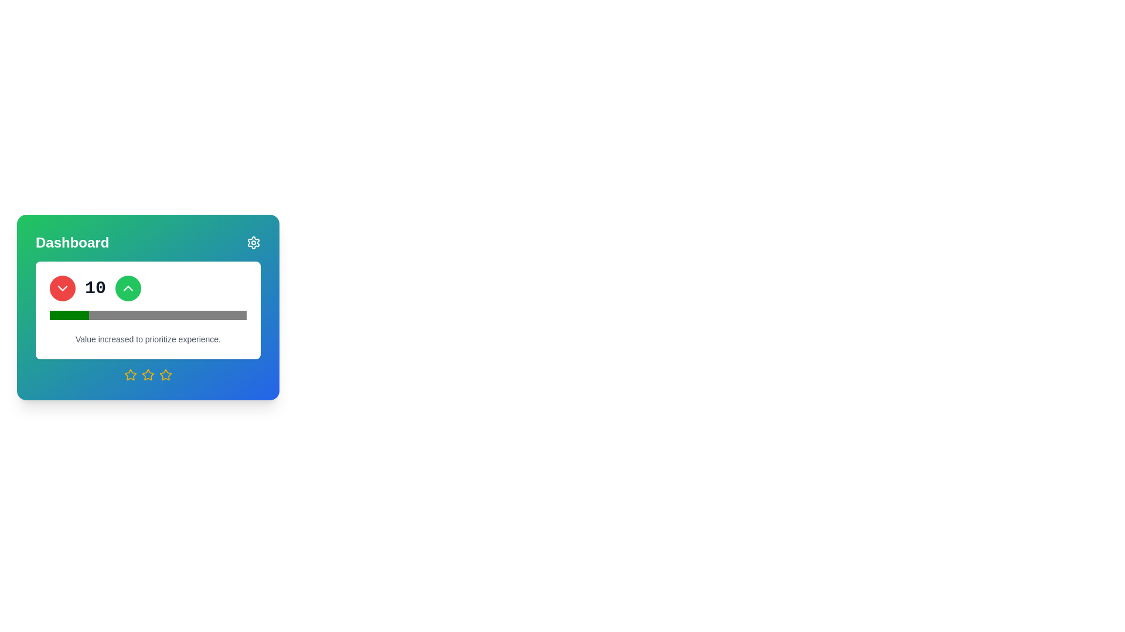  I want to click on the series of three yellow outlined stars in the rating indicator located at the bottom center of the 'Dashboard' card, so click(148, 375).